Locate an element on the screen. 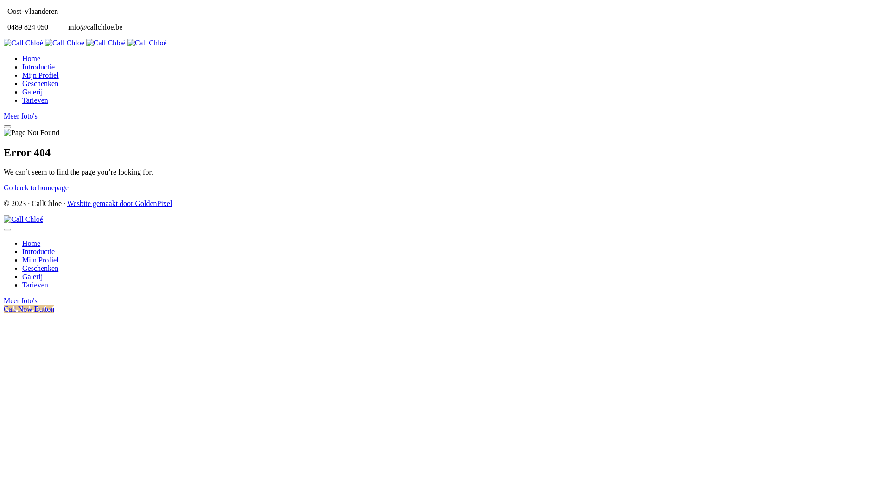 The width and height of the screenshot is (890, 500). 'Home' is located at coordinates (22, 243).